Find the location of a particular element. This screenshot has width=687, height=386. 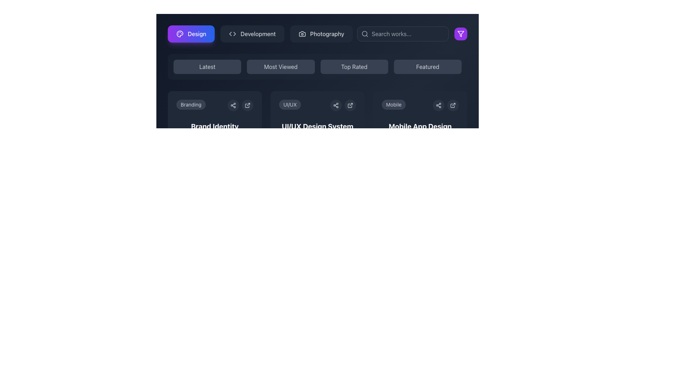

the 'Featured' button with a gray background and rounded corners, located on the far right of a group of four buttons is located at coordinates (428, 66).